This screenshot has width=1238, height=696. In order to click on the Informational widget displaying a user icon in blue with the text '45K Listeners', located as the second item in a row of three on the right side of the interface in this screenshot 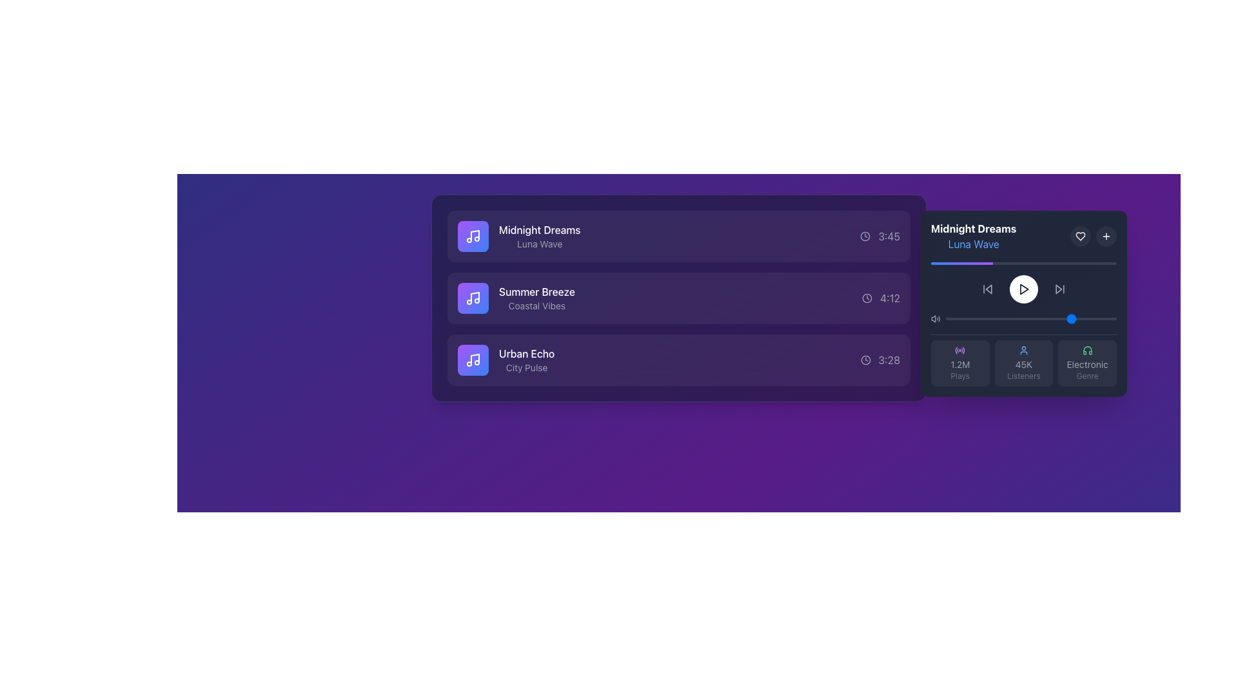, I will do `click(1023, 363)`.